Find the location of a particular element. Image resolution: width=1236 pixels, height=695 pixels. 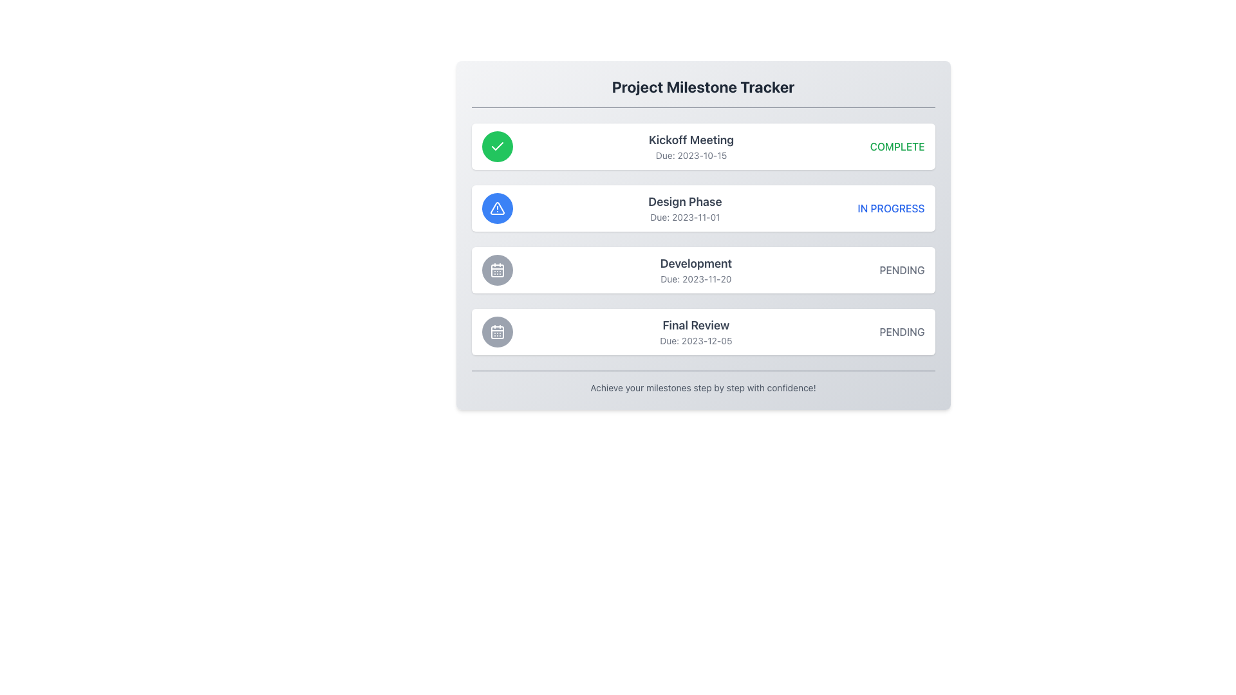

text content of the label displaying 'PENDING' in uppercase letters, which is located at the far-right side of the fourth row in the milestone cards is located at coordinates (901, 331).